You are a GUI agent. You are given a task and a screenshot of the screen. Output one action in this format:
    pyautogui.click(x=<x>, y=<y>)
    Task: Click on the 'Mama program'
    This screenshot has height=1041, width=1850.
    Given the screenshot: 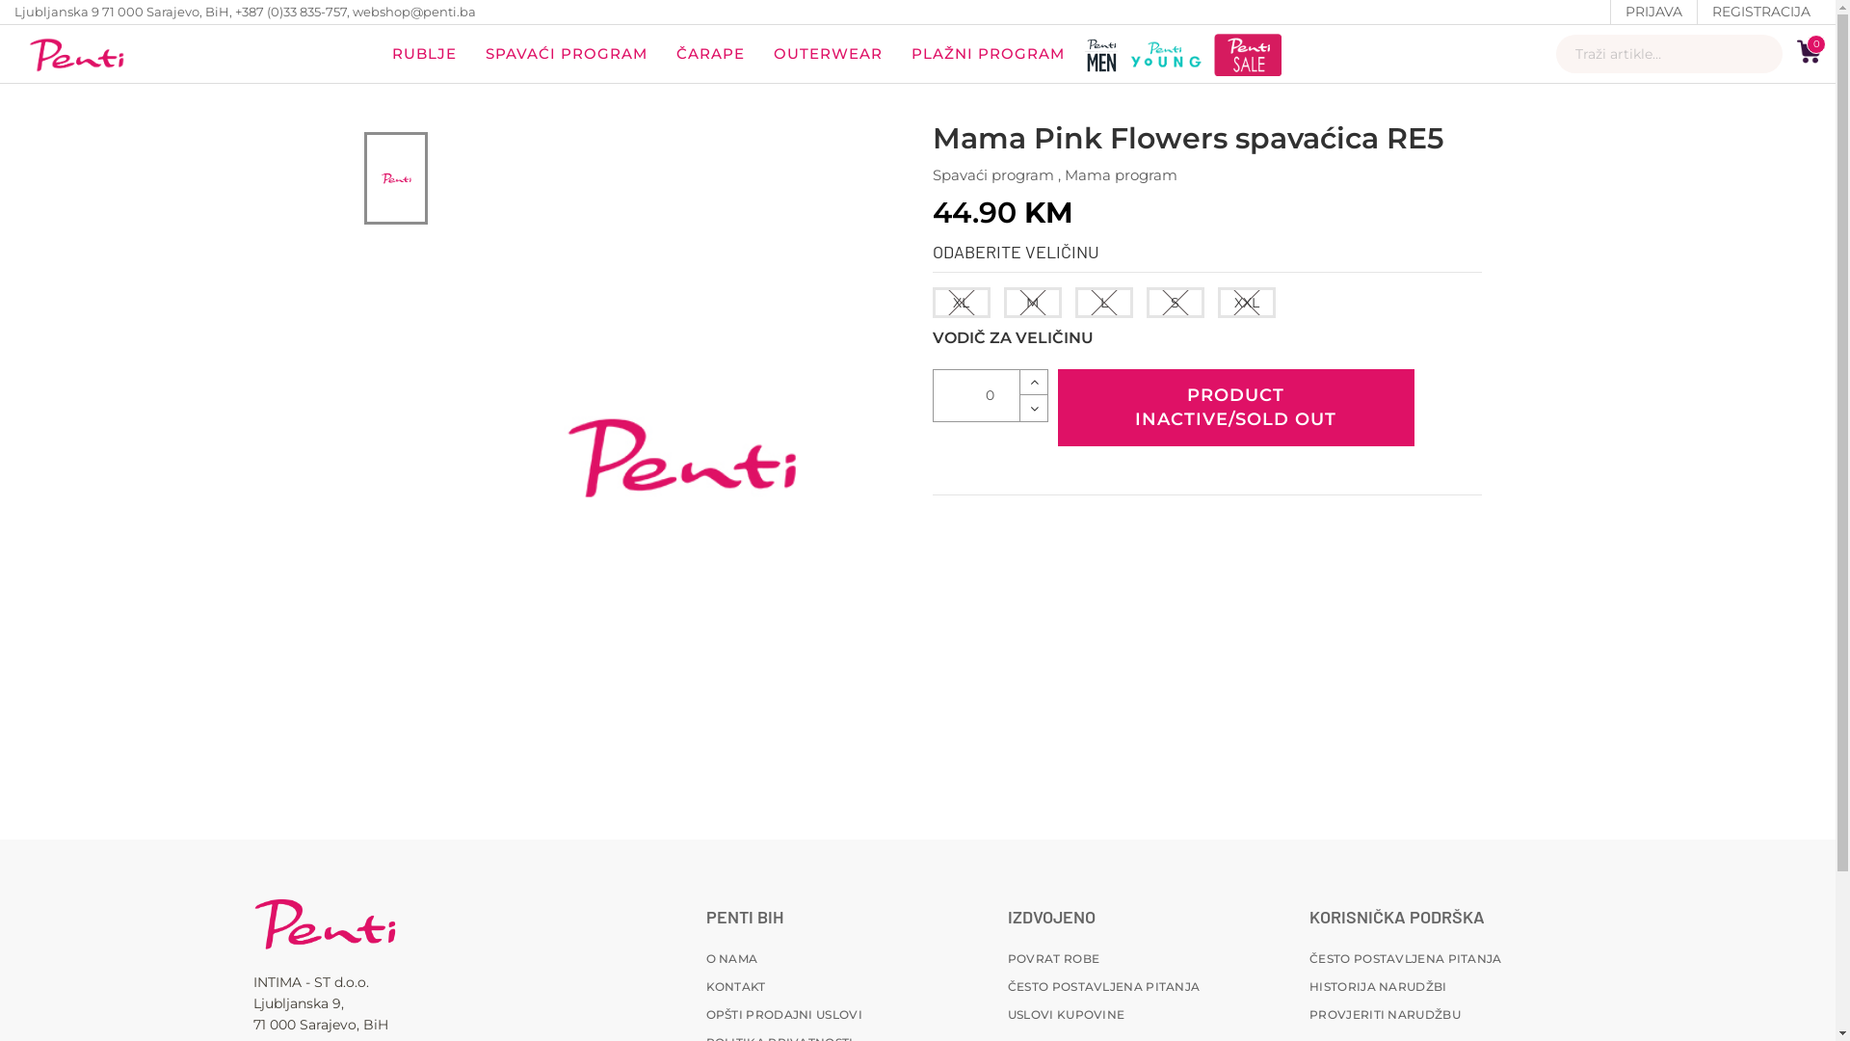 What is the action you would take?
    pyautogui.click(x=1120, y=174)
    